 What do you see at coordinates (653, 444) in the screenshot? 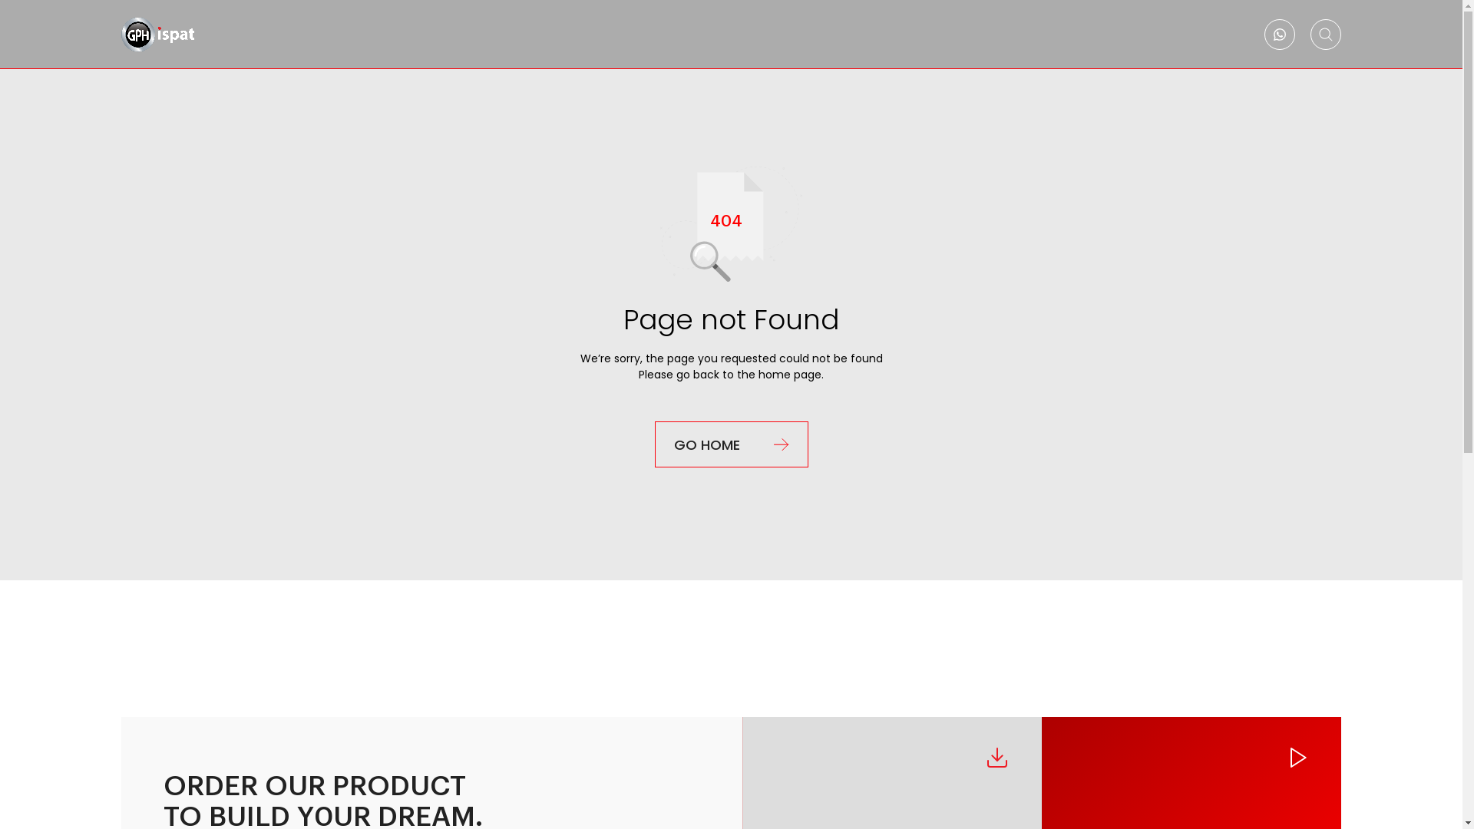
I see `'GO HOME'` at bounding box center [653, 444].